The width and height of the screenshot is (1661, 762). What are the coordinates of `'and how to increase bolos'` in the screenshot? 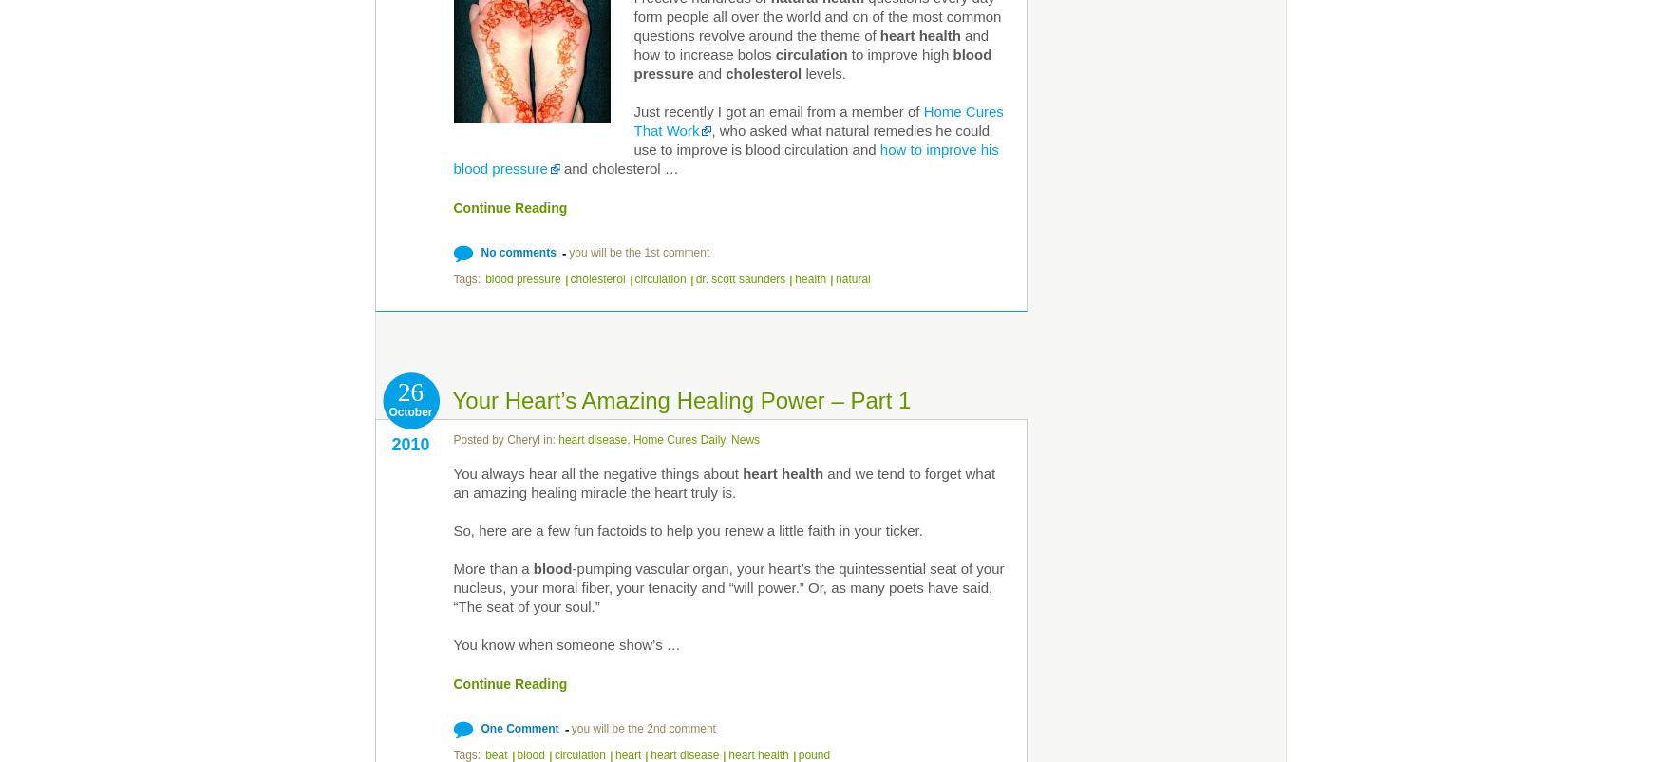 It's located at (633, 44).